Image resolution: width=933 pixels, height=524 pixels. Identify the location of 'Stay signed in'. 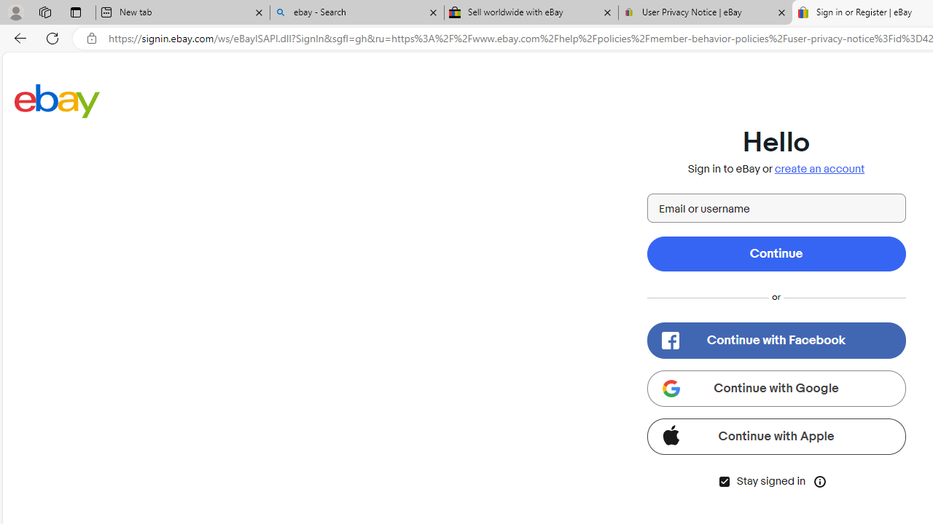
(724, 481).